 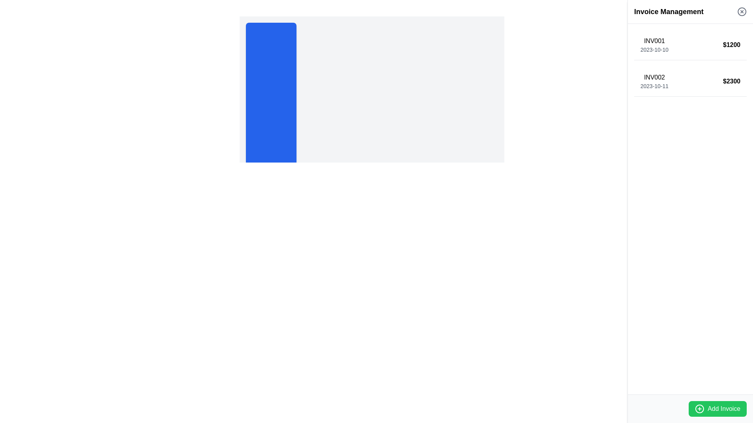 What do you see at coordinates (741, 12) in the screenshot?
I see `the circular button with an 'X' in the center, located at the top-right corner of the 'Invoice Management' header section` at bounding box center [741, 12].